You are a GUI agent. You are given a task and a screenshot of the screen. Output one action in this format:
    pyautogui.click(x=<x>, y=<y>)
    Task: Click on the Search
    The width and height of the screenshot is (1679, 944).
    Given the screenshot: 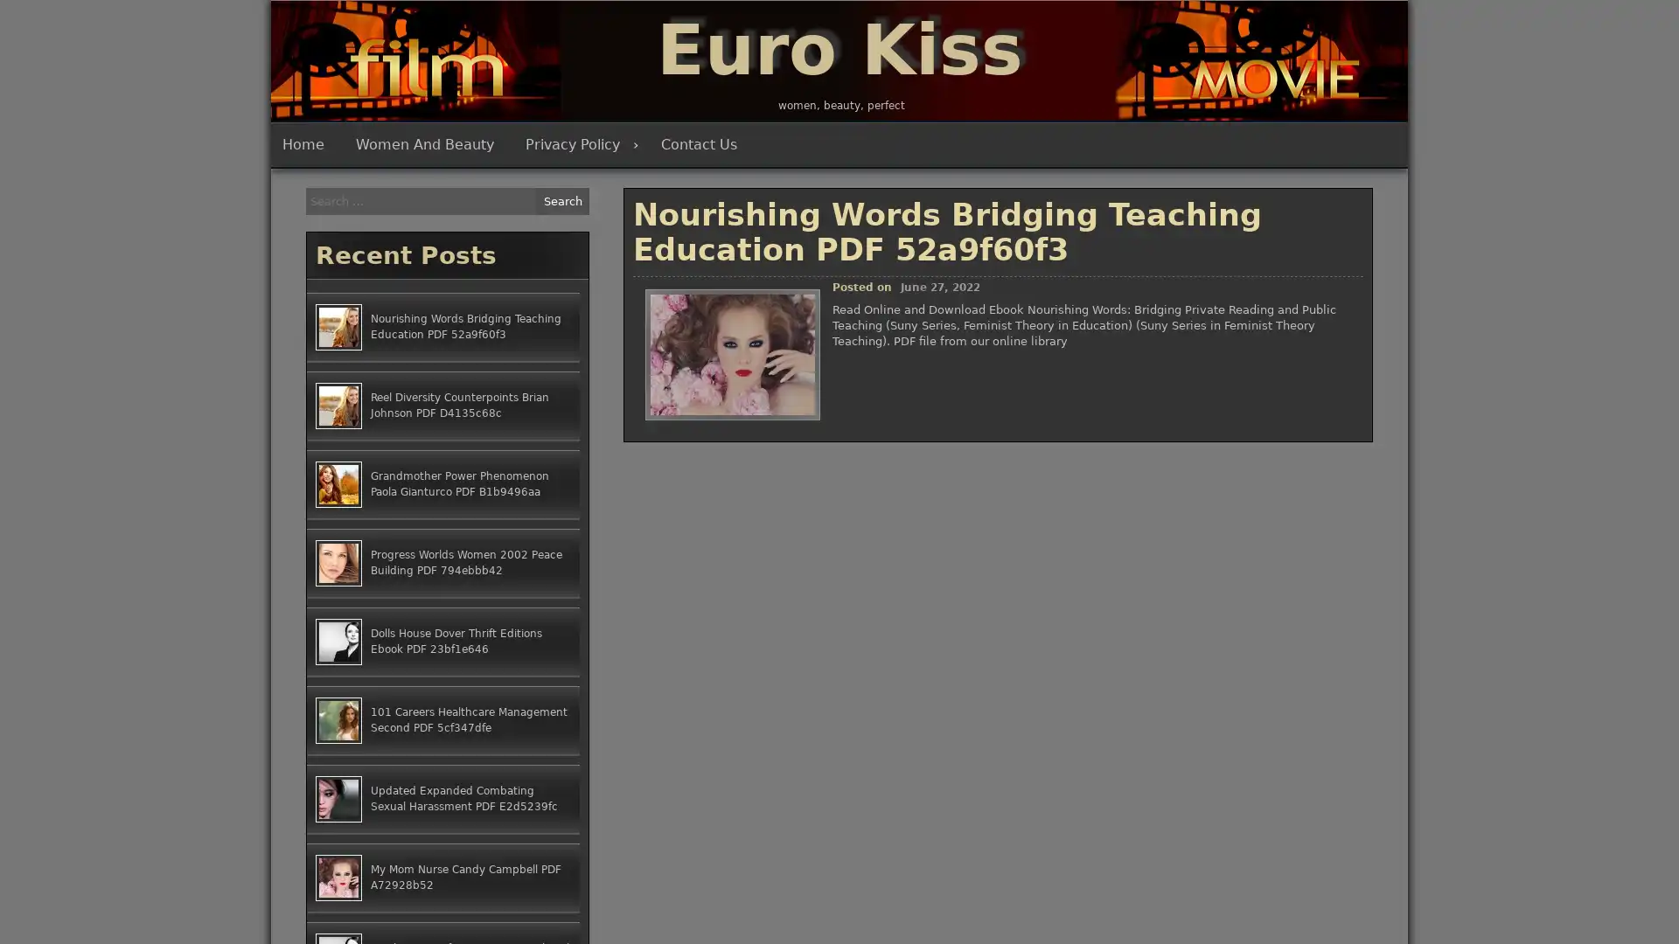 What is the action you would take?
    pyautogui.click(x=562, y=200)
    